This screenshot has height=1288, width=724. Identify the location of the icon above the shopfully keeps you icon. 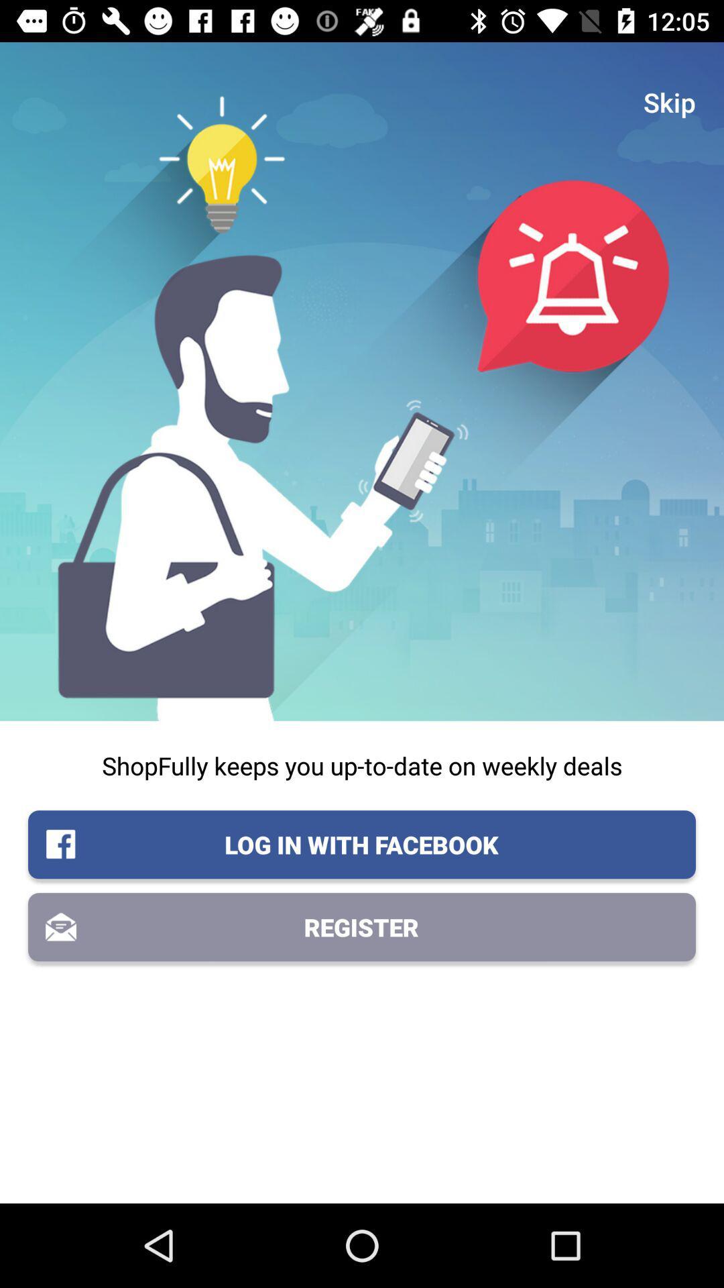
(670, 101).